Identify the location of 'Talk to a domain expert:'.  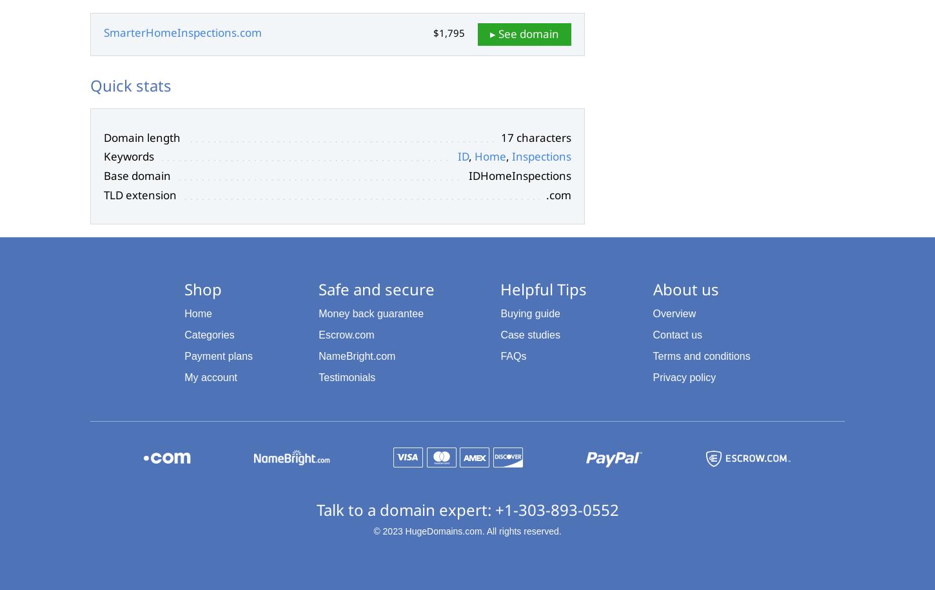
(404, 509).